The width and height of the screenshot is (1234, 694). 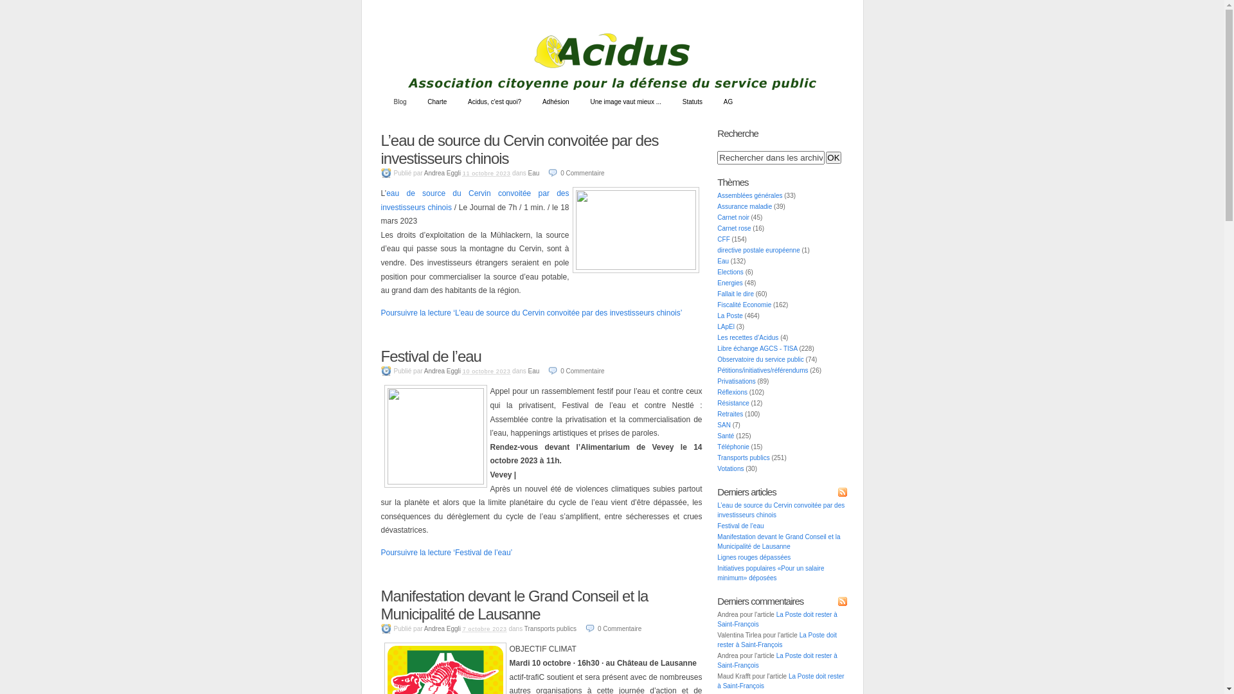 I want to click on 'Elections', so click(x=730, y=271).